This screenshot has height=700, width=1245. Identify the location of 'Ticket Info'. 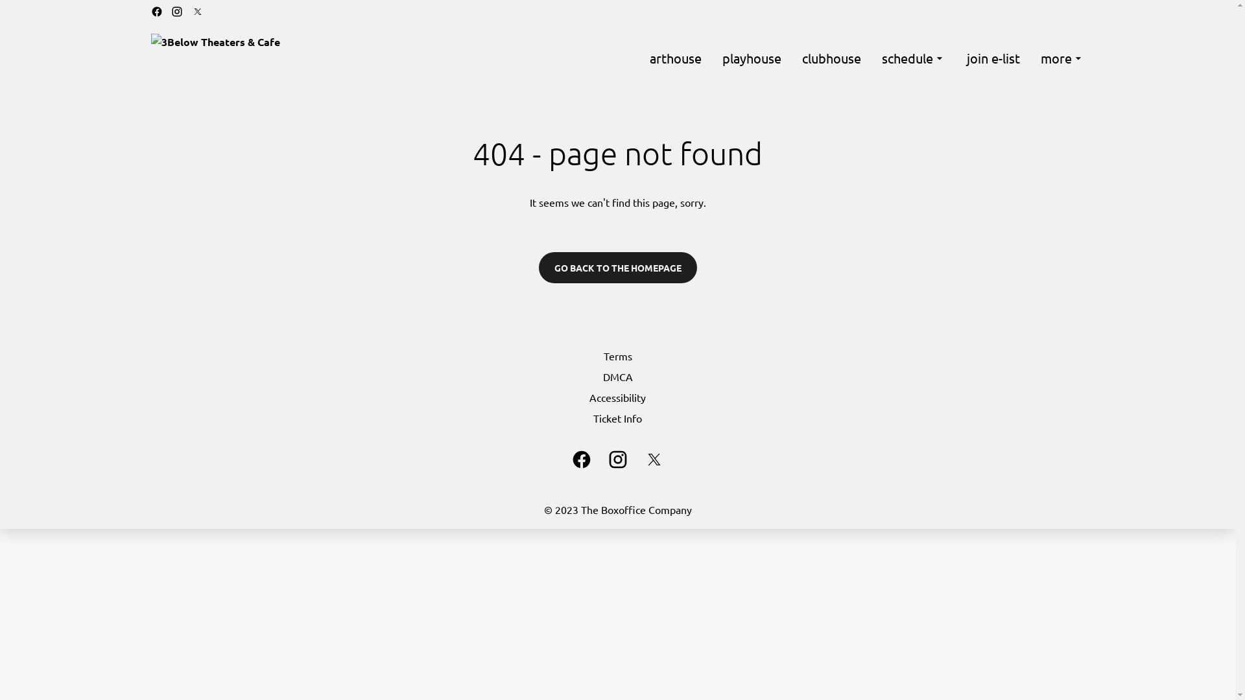
(616, 417).